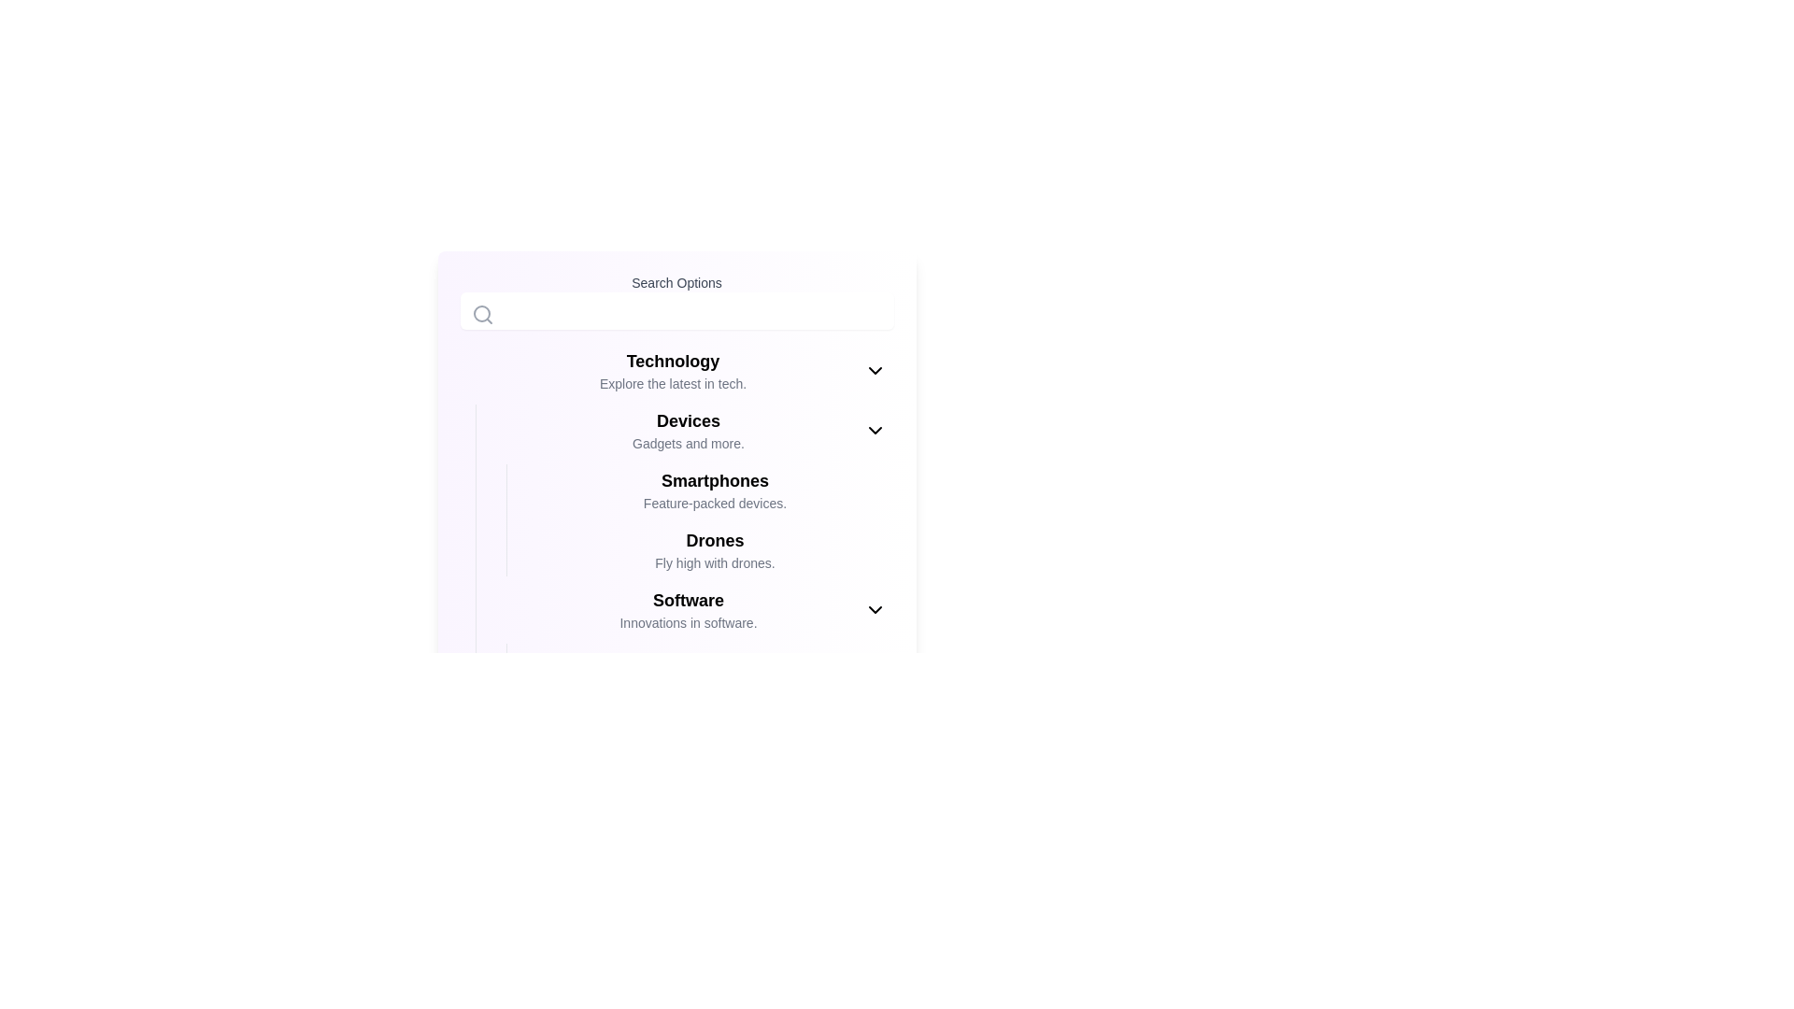  What do you see at coordinates (714, 489) in the screenshot?
I see `the 'Smartphones' navigation item, which features bold text for the heading and a description below it` at bounding box center [714, 489].